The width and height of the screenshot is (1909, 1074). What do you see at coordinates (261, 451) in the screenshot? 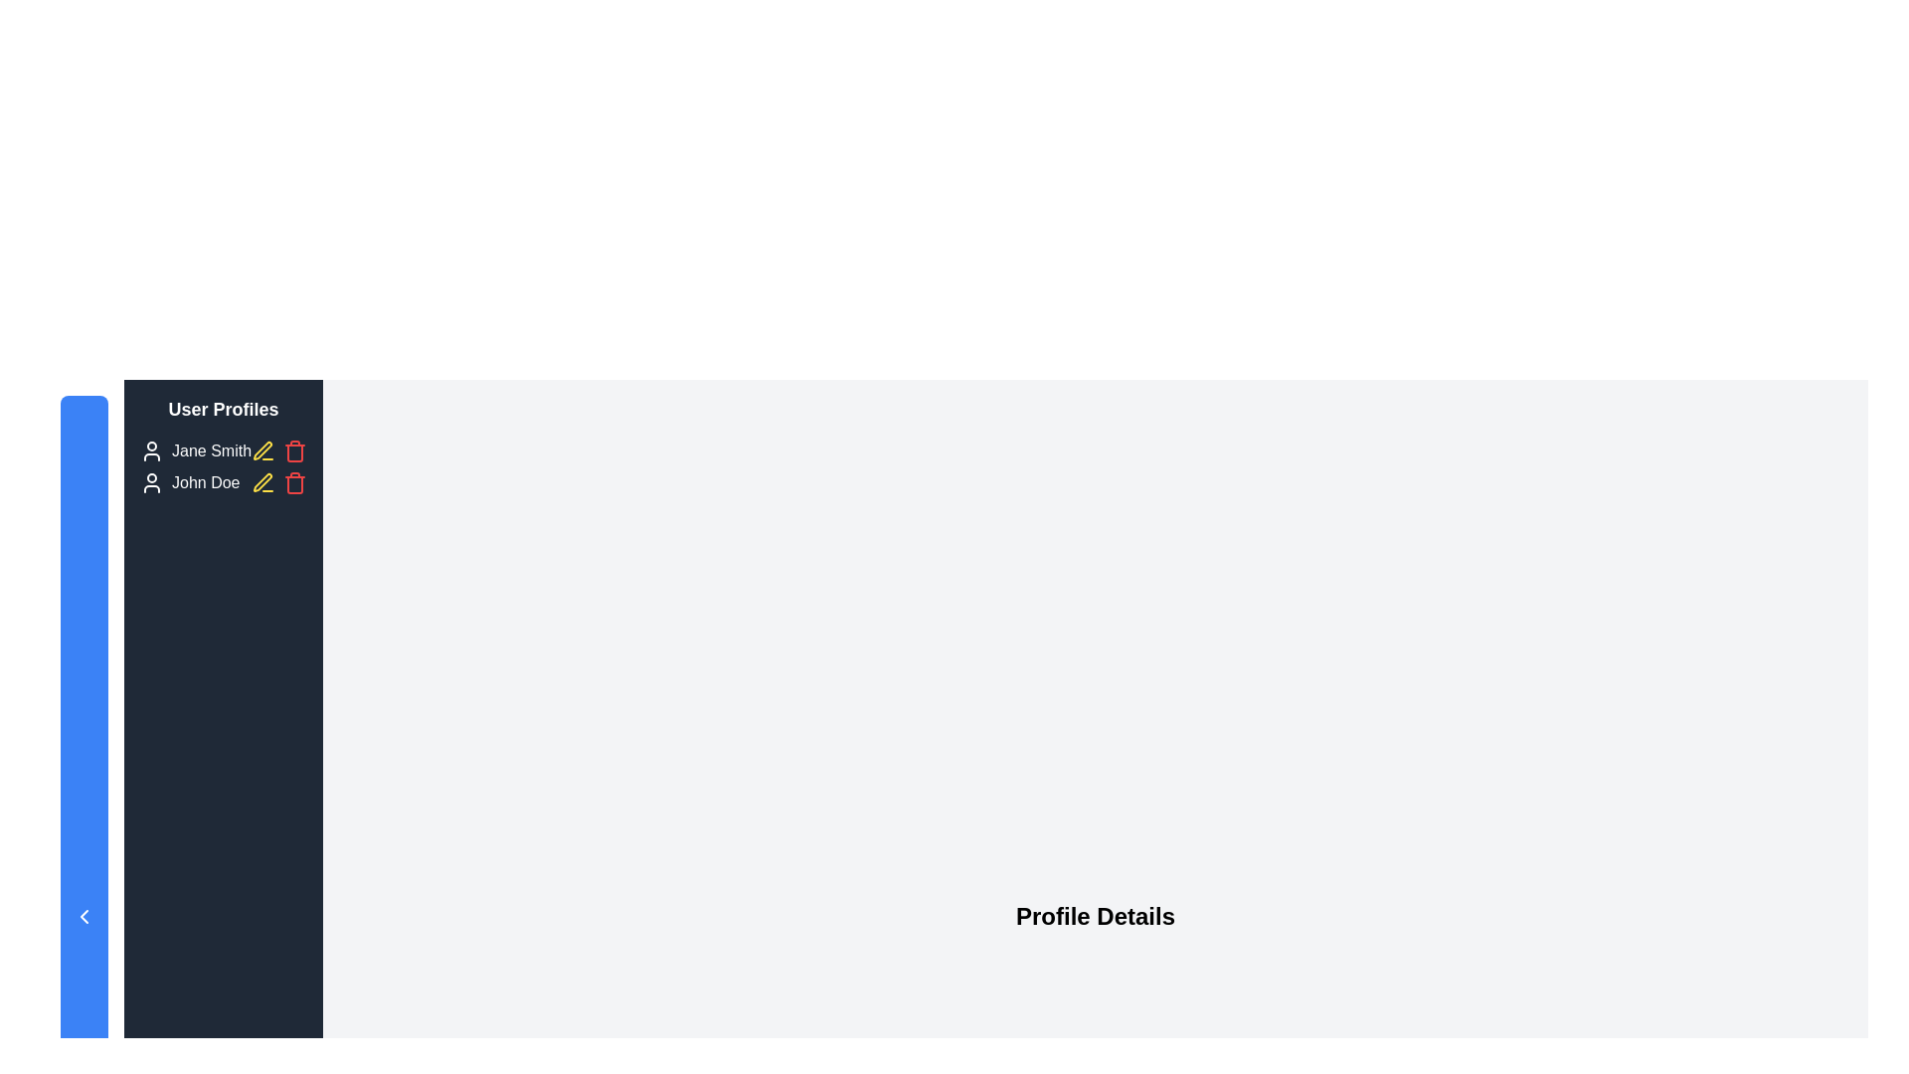
I see `the profile edit icon for 'Jane Smith' located at the top-left of the 'User Profiles' section` at bounding box center [261, 451].